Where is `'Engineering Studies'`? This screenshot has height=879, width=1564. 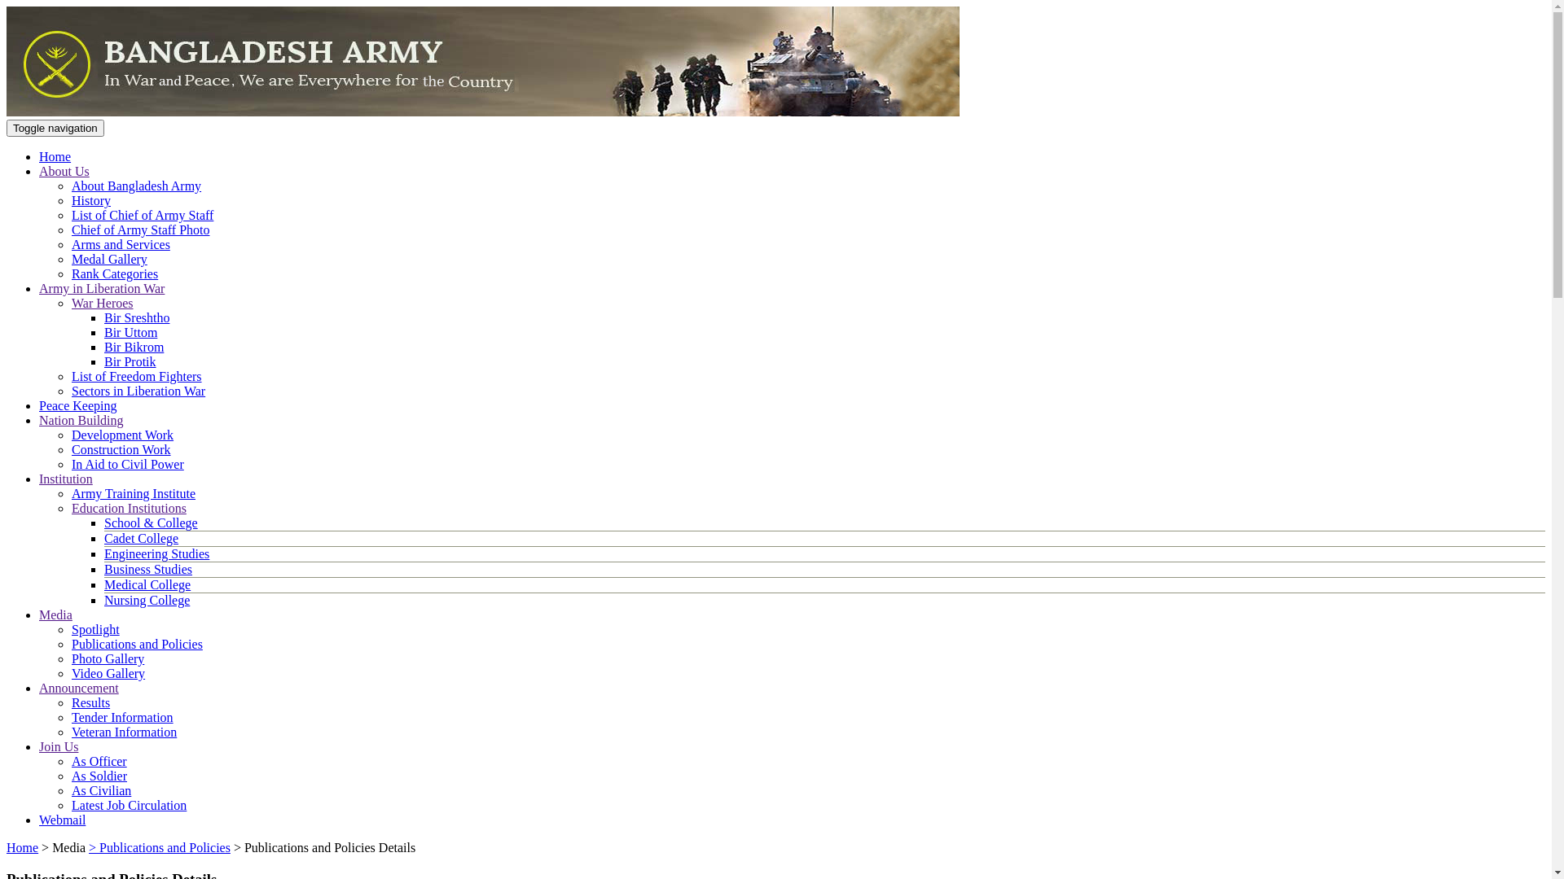
'Engineering Studies' is located at coordinates (103, 553).